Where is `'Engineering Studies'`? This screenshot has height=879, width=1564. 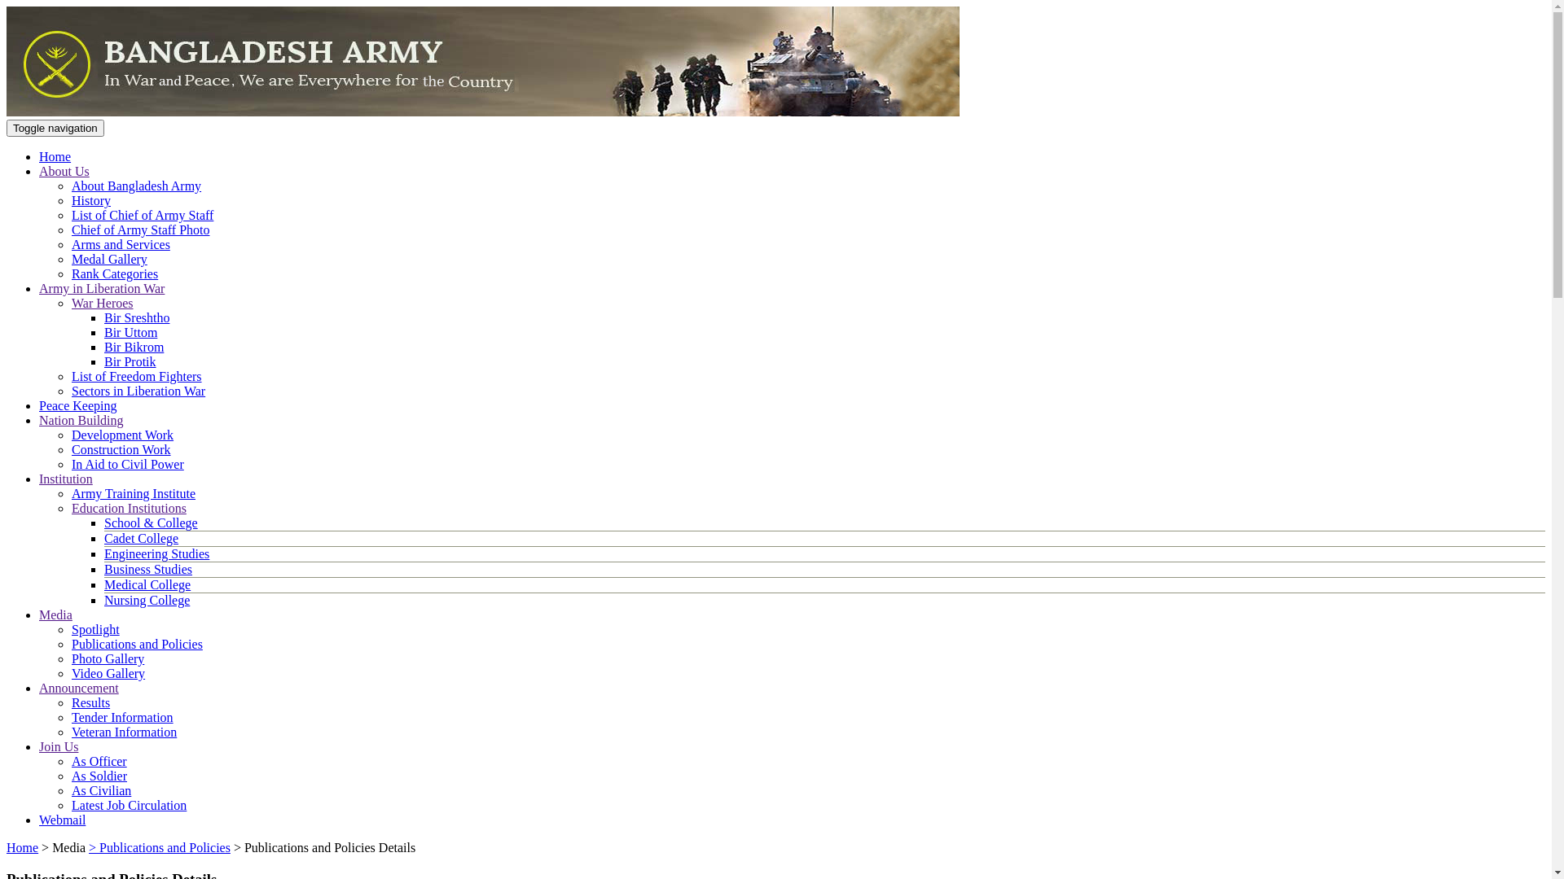
'Engineering Studies' is located at coordinates (103, 553).